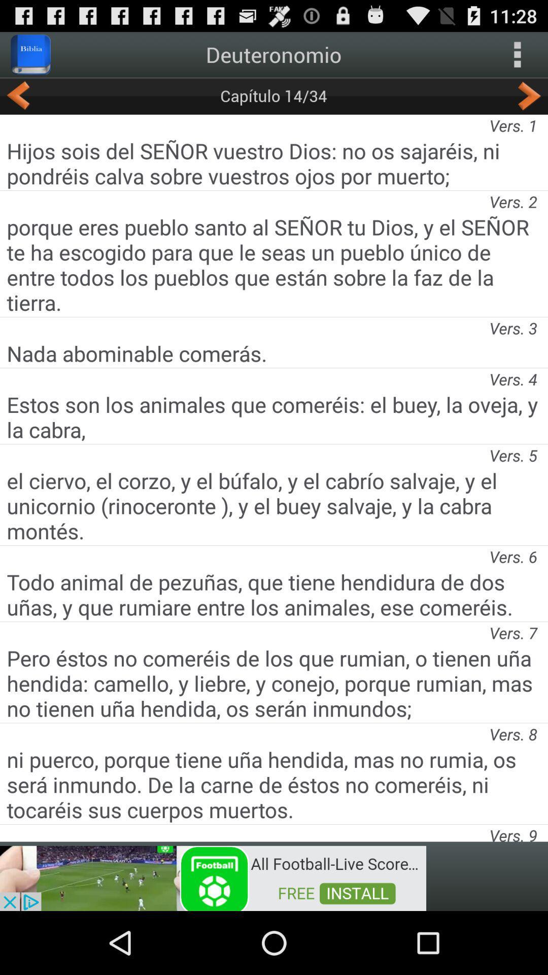 This screenshot has width=548, height=975. I want to click on the more icon, so click(517, 58).